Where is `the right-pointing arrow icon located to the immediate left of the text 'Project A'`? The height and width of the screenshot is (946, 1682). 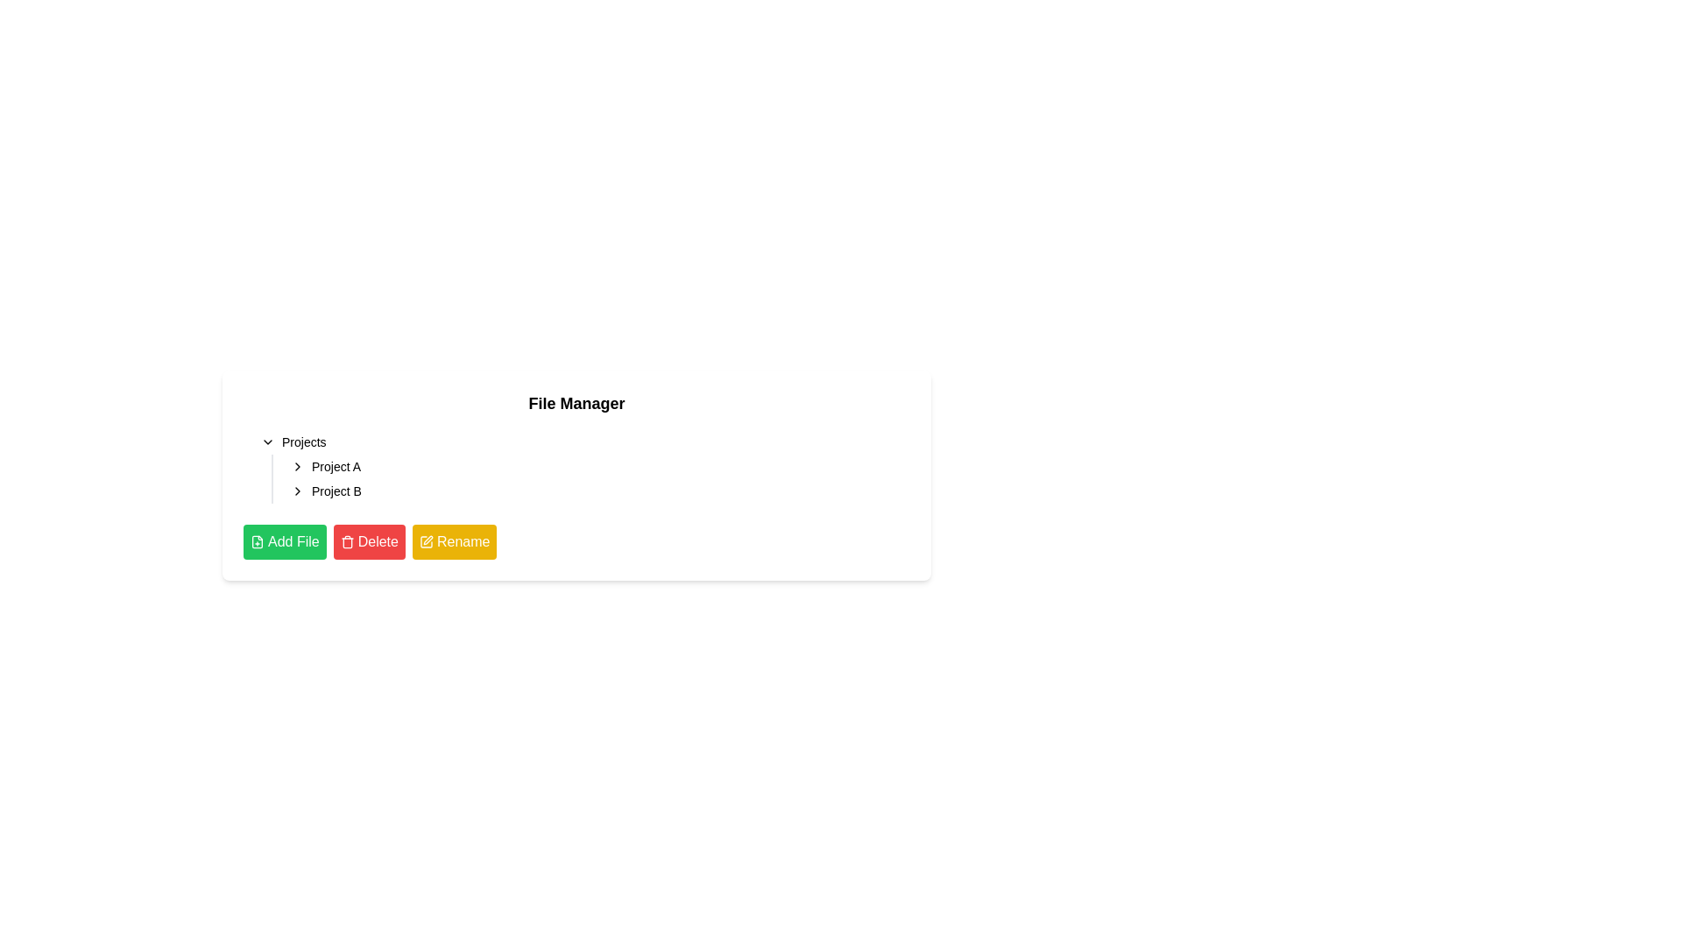 the right-pointing arrow icon located to the immediate left of the text 'Project A' is located at coordinates (298, 465).